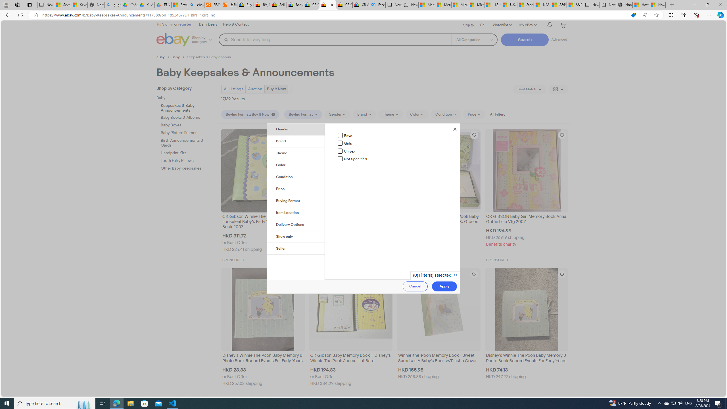 This screenshot has height=409, width=727. Describe the element at coordinates (455, 128) in the screenshot. I see `'Close'` at that location.